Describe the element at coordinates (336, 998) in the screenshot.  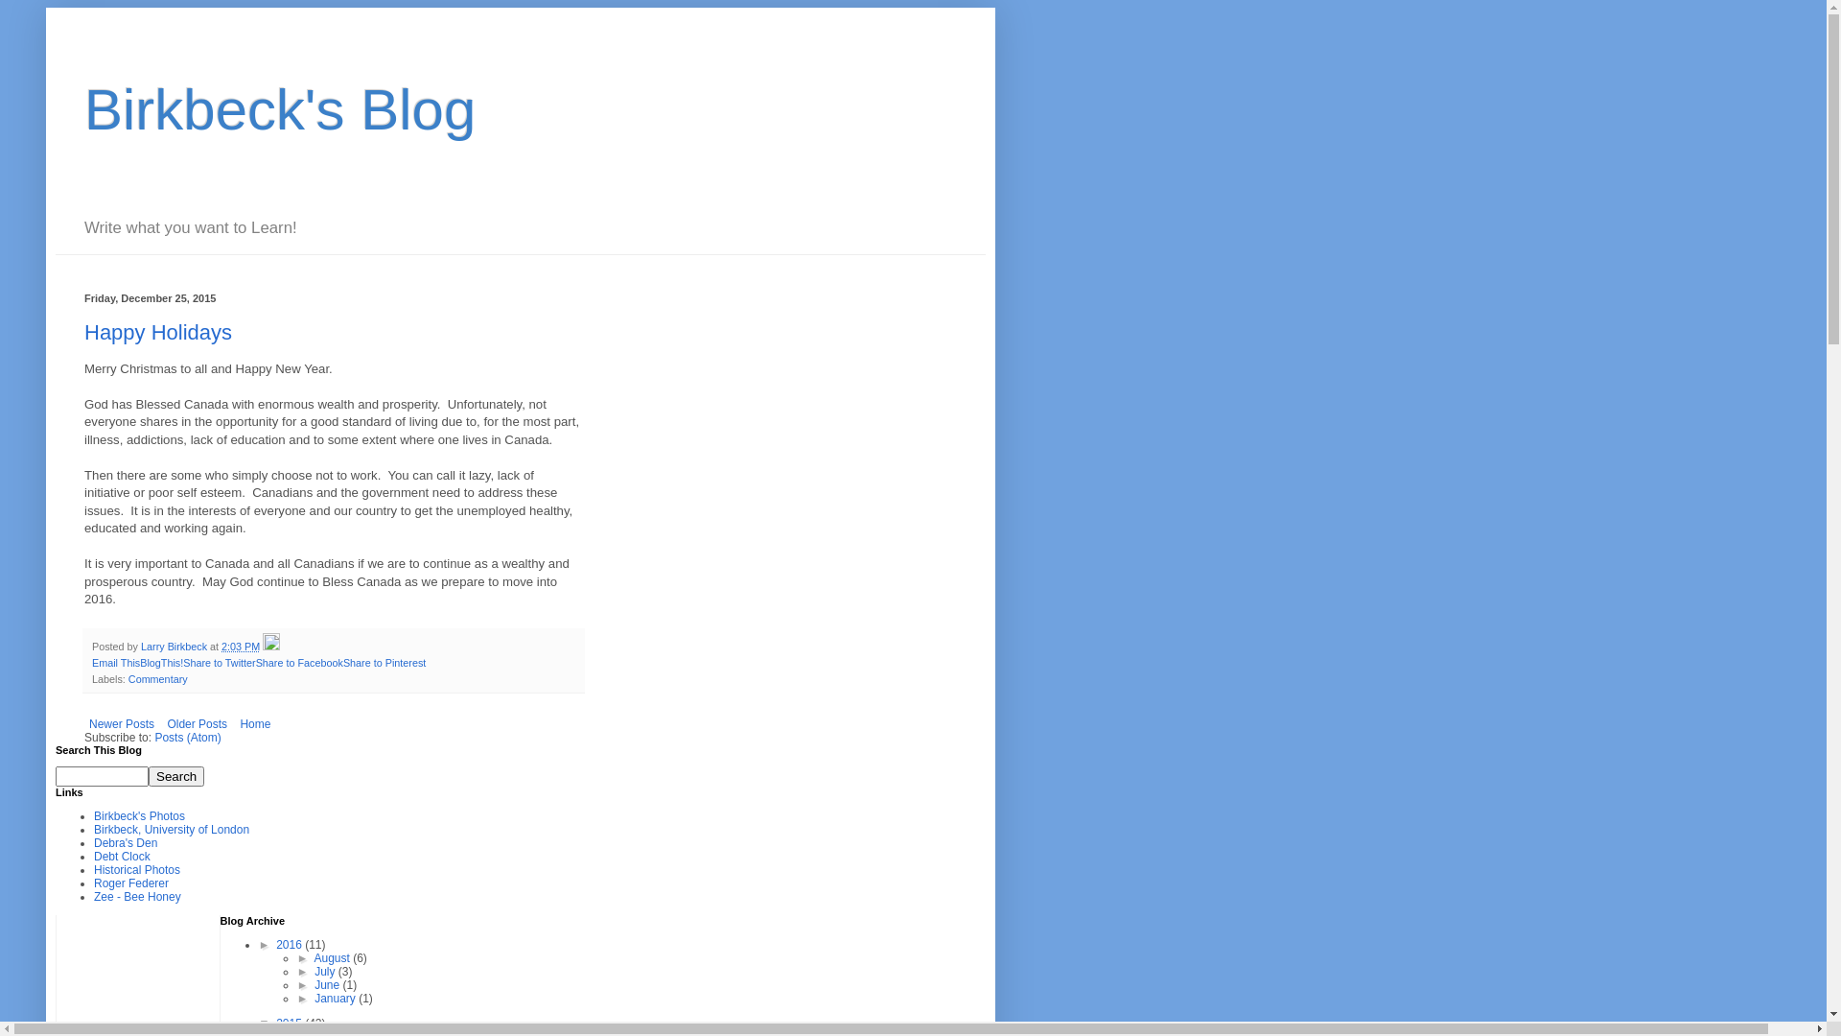
I see `'January'` at that location.